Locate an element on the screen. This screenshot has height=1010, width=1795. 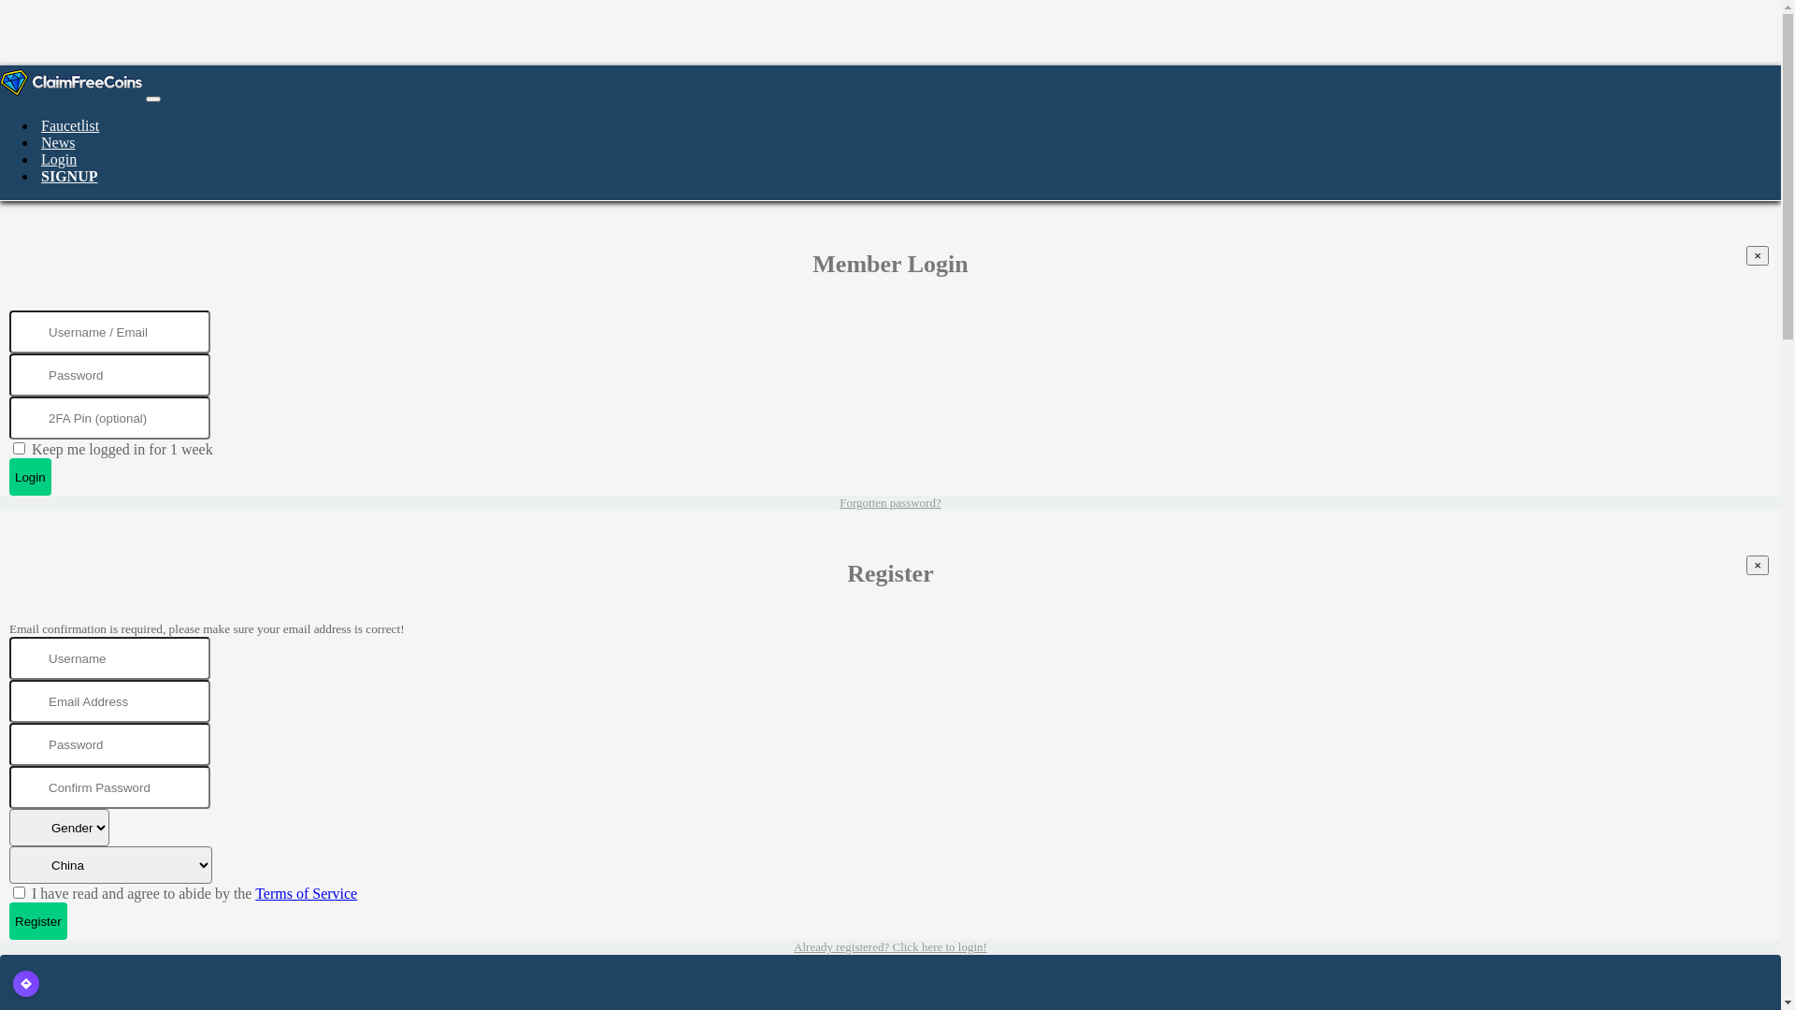
'Faucetlist' is located at coordinates (70, 125).